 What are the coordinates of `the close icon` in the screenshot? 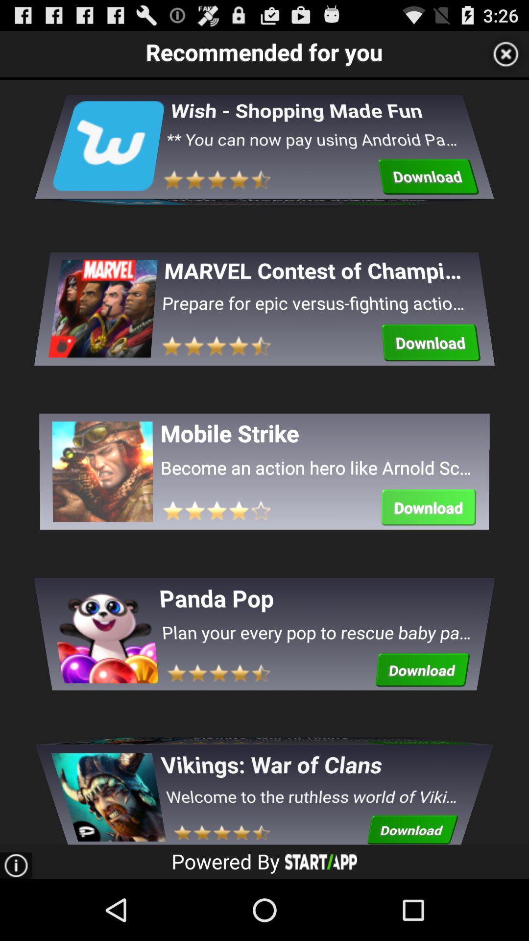 It's located at (505, 57).